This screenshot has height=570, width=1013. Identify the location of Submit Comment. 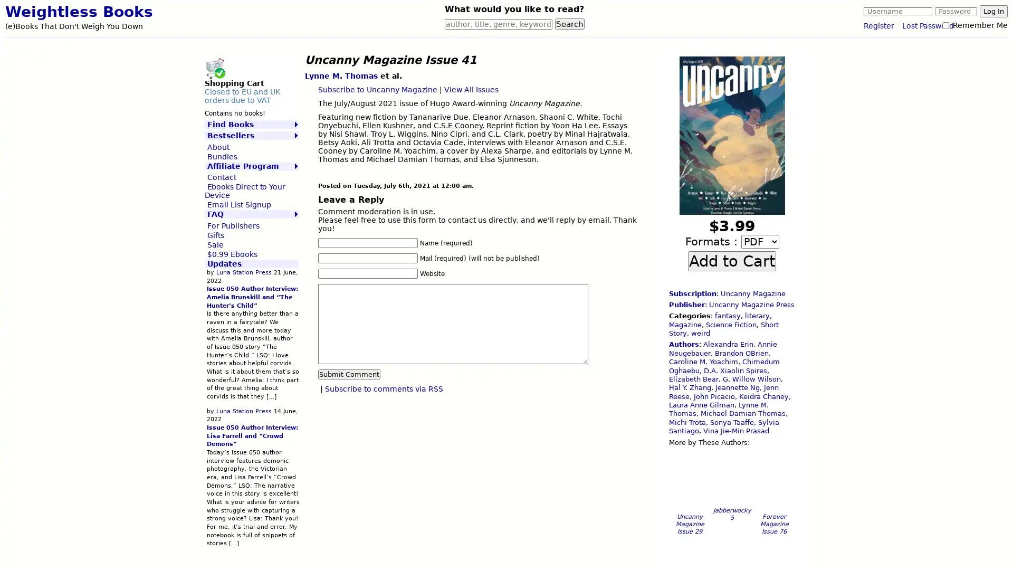
(349, 373).